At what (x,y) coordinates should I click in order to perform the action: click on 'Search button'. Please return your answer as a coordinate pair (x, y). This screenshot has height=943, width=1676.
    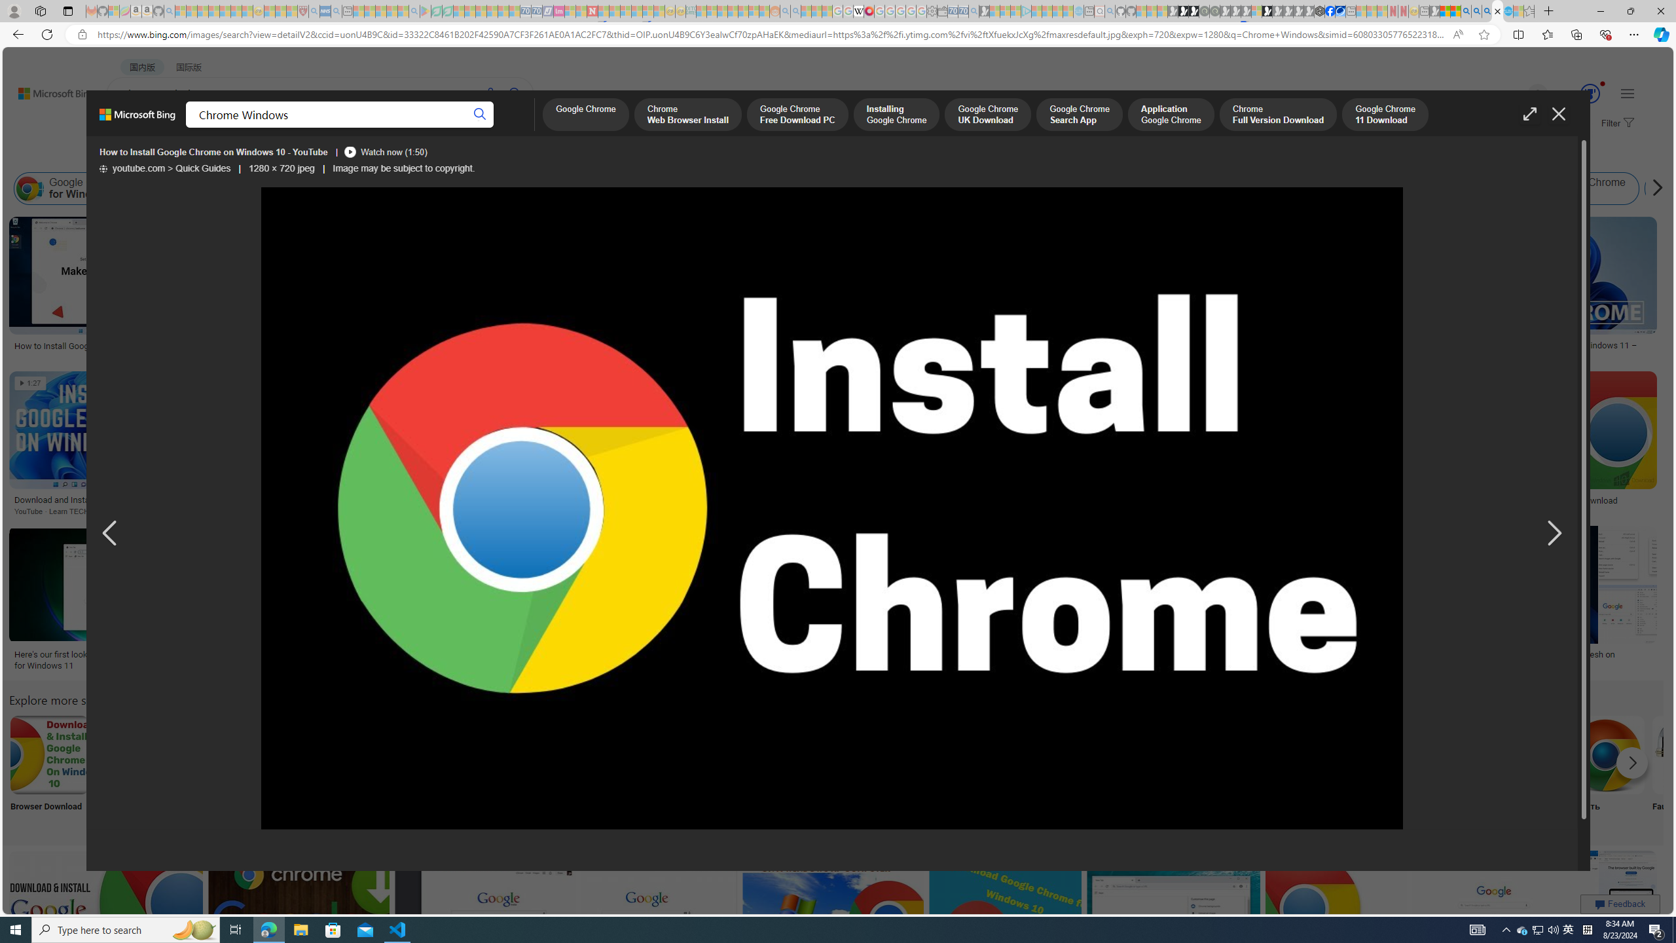
    Looking at the image, I should click on (480, 115).